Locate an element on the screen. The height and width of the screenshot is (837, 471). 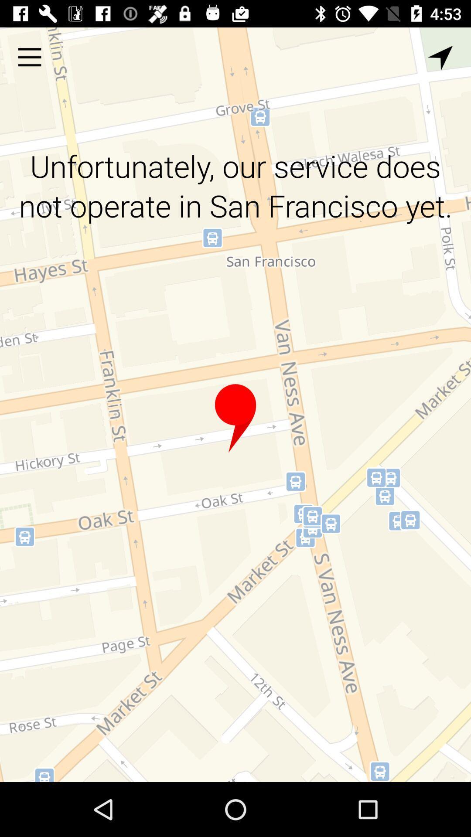
more options is located at coordinates (29, 57).